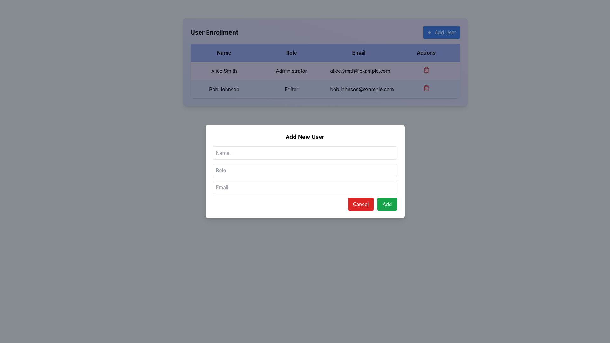 The width and height of the screenshot is (610, 343). I want to click on the 'Editor' text label located in the 'Role' column of the second row for 'Bob Johnson', so click(291, 89).